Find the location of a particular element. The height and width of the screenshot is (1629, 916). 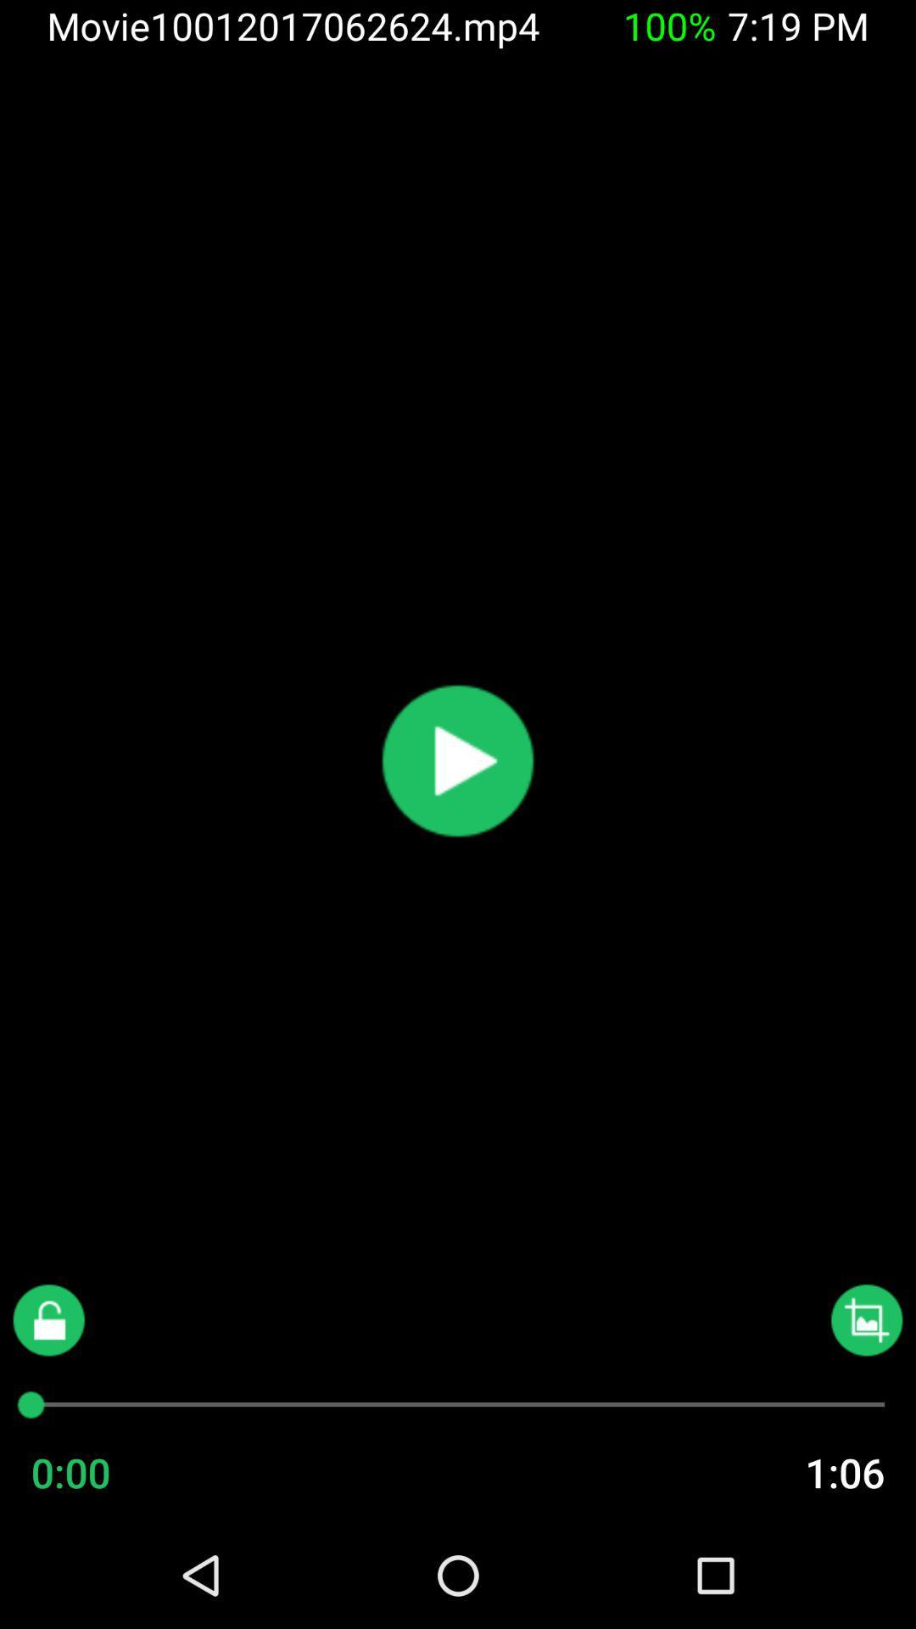

icon to the right of 0:00 is located at coordinates (810, 1471).